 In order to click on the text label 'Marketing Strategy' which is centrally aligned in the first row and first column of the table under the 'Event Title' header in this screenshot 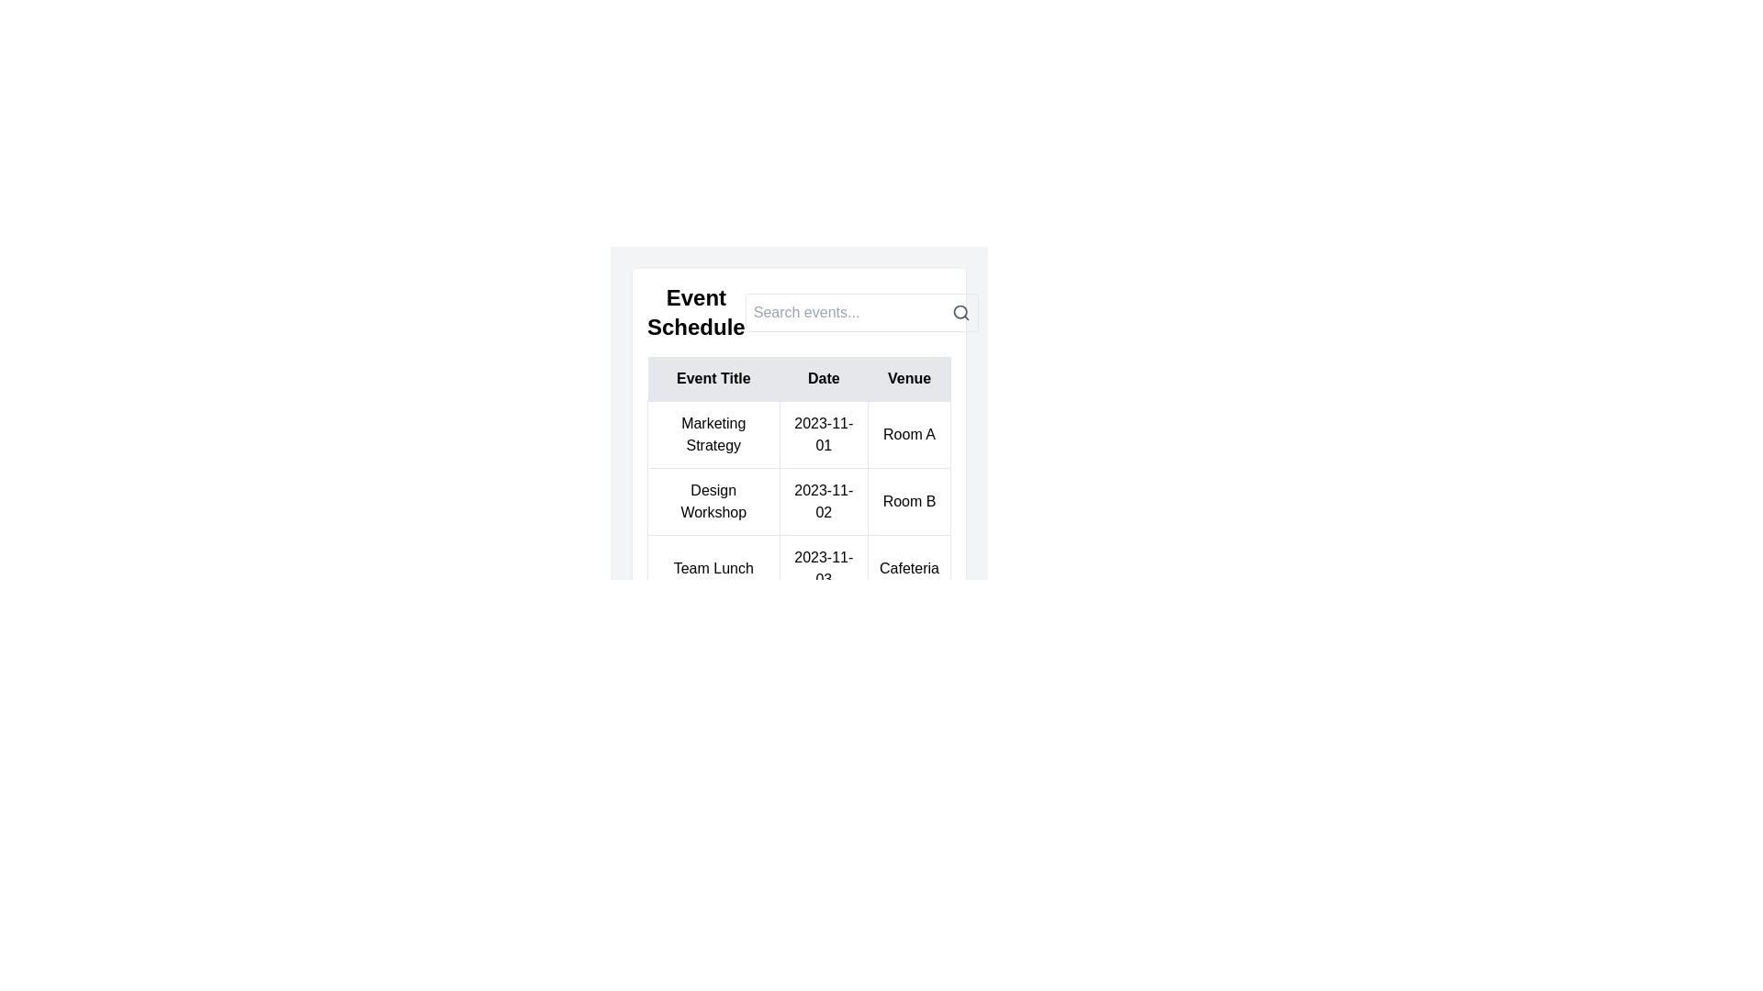, I will do `click(713, 435)`.